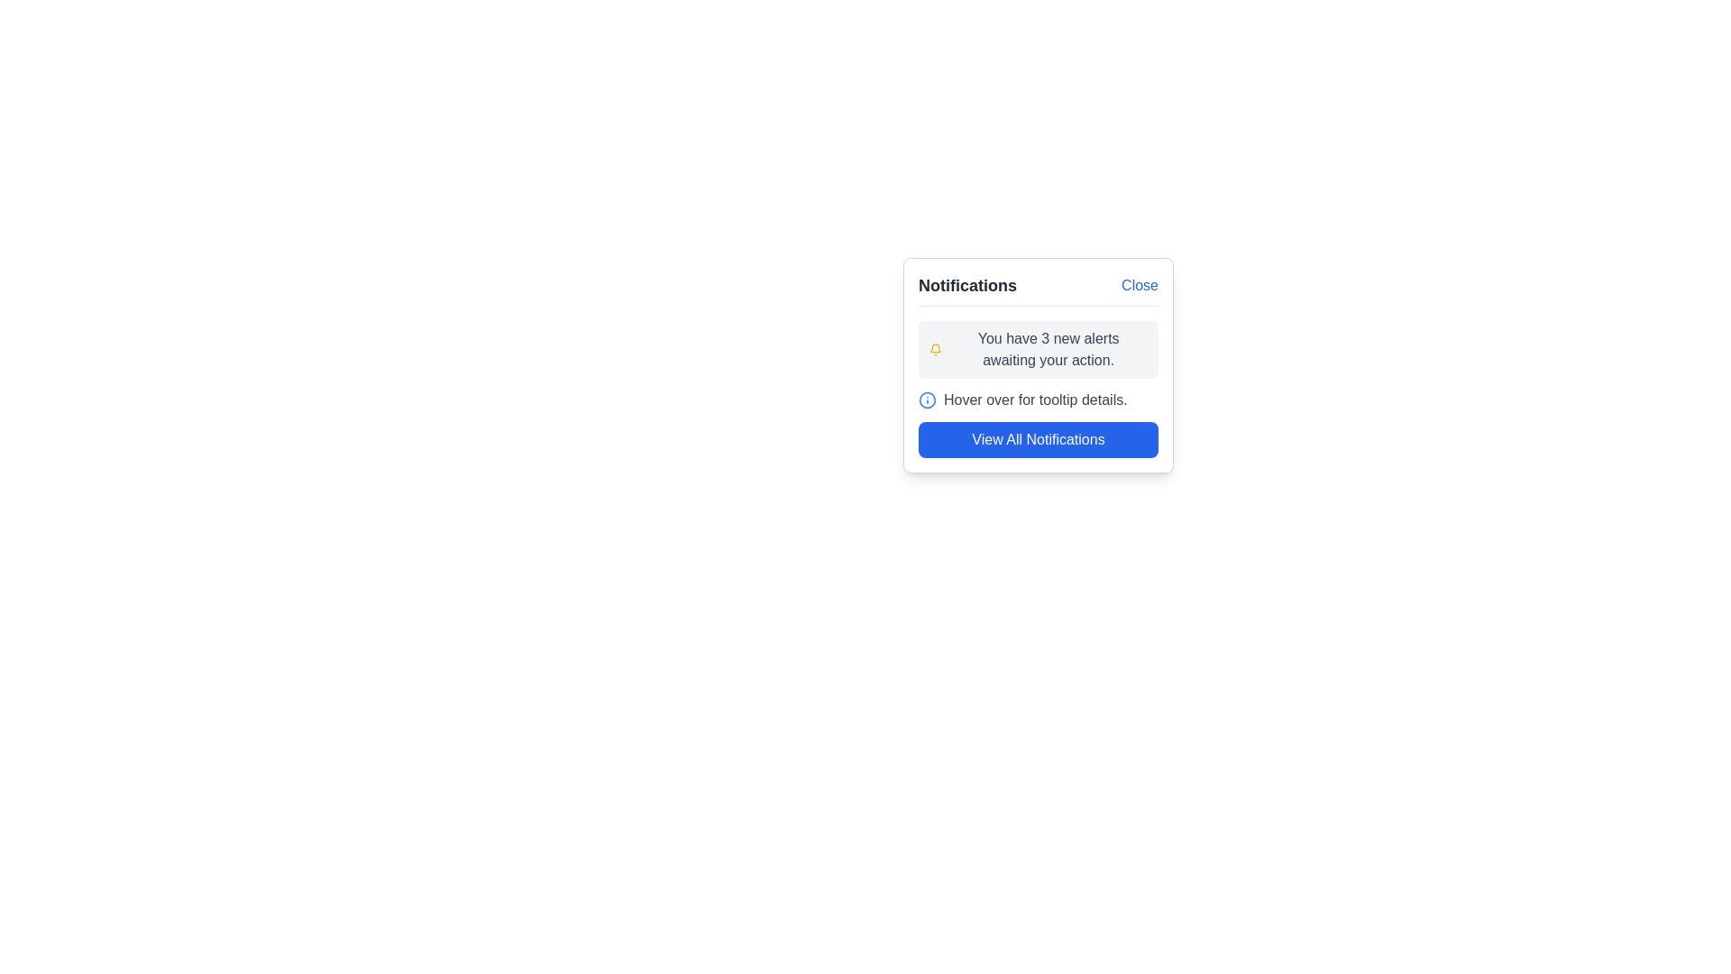  Describe the element at coordinates (1139, 284) in the screenshot. I see `the blue text link labeled 'Close' located in the header section of the notification panel` at that location.